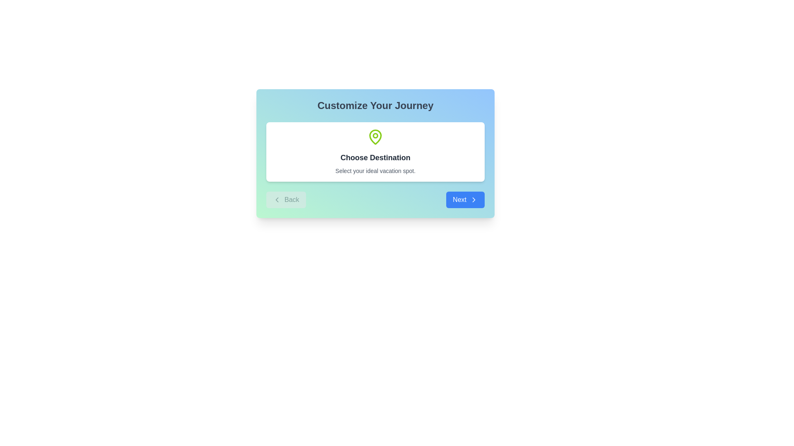  I want to click on the chevron-shaped icon pointing to the right located inside the 'Next' button at the bottom-right corner of the card interface, so click(474, 199).